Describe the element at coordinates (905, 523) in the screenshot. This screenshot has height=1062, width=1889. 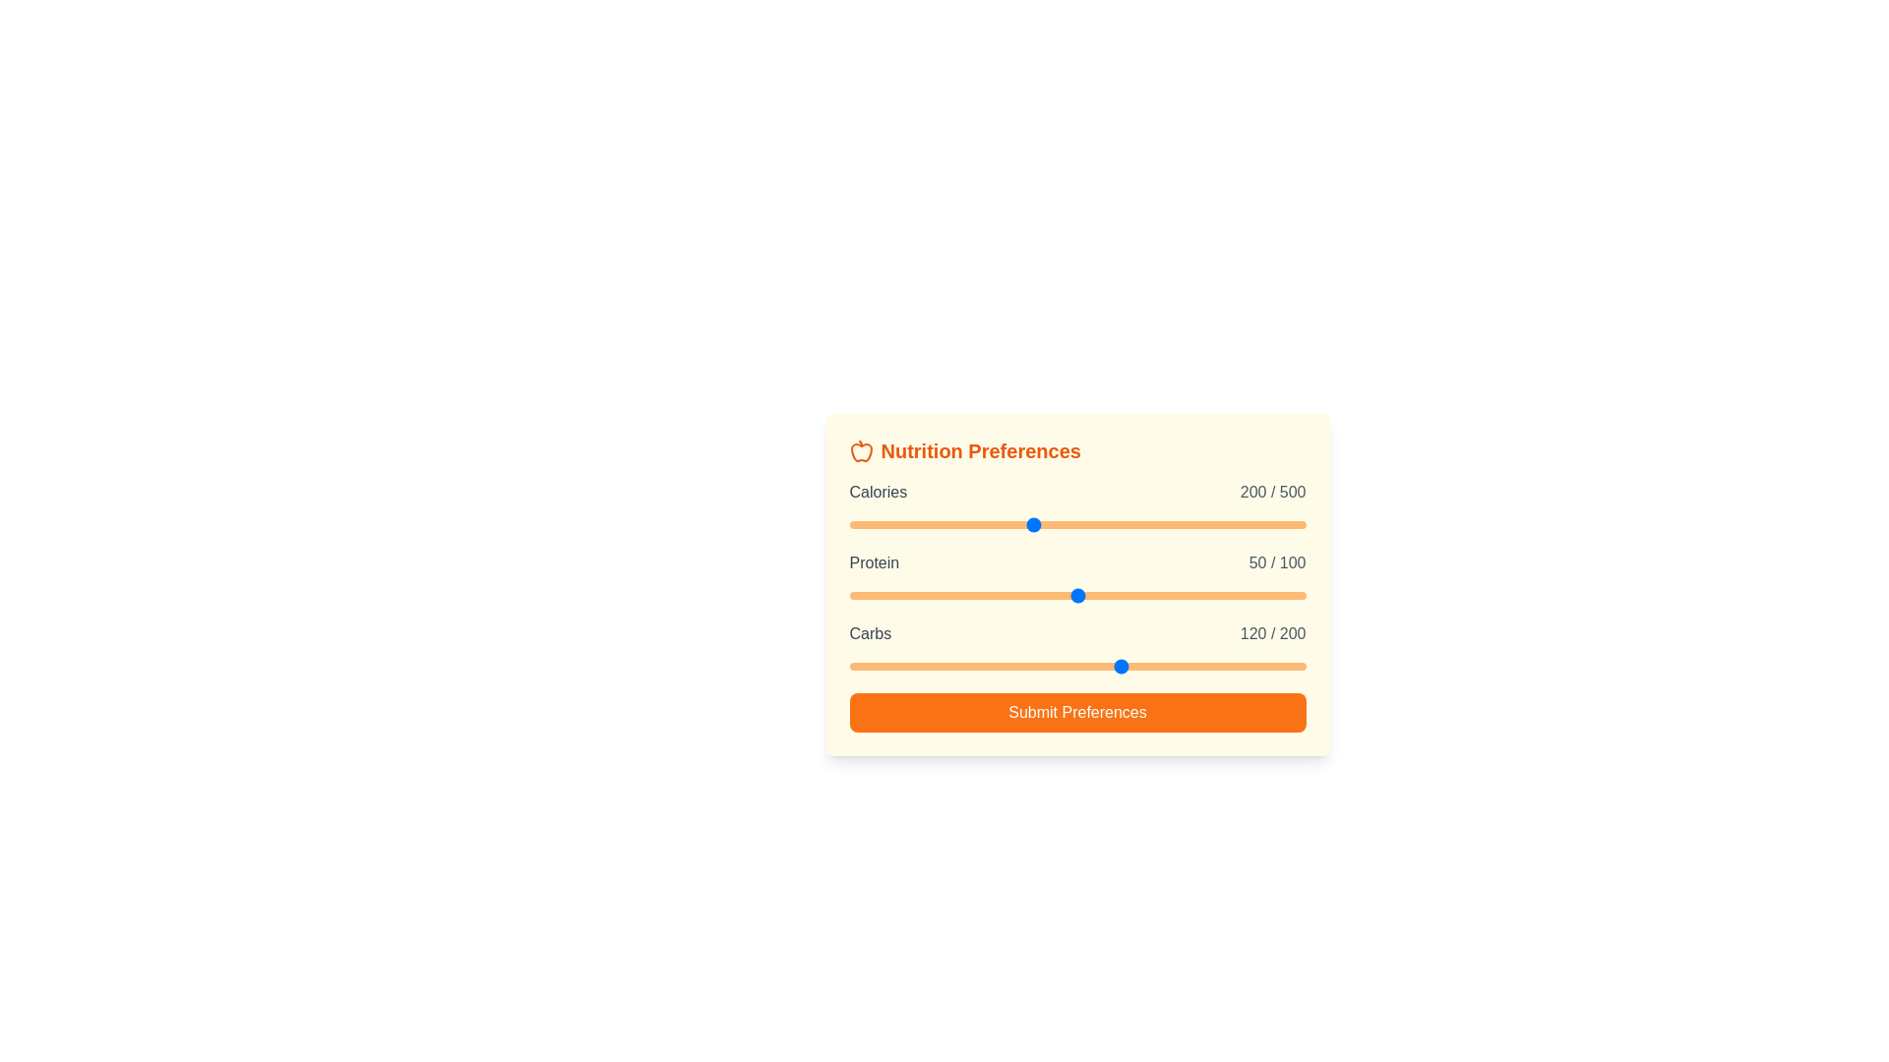
I see `the caloric value` at that location.